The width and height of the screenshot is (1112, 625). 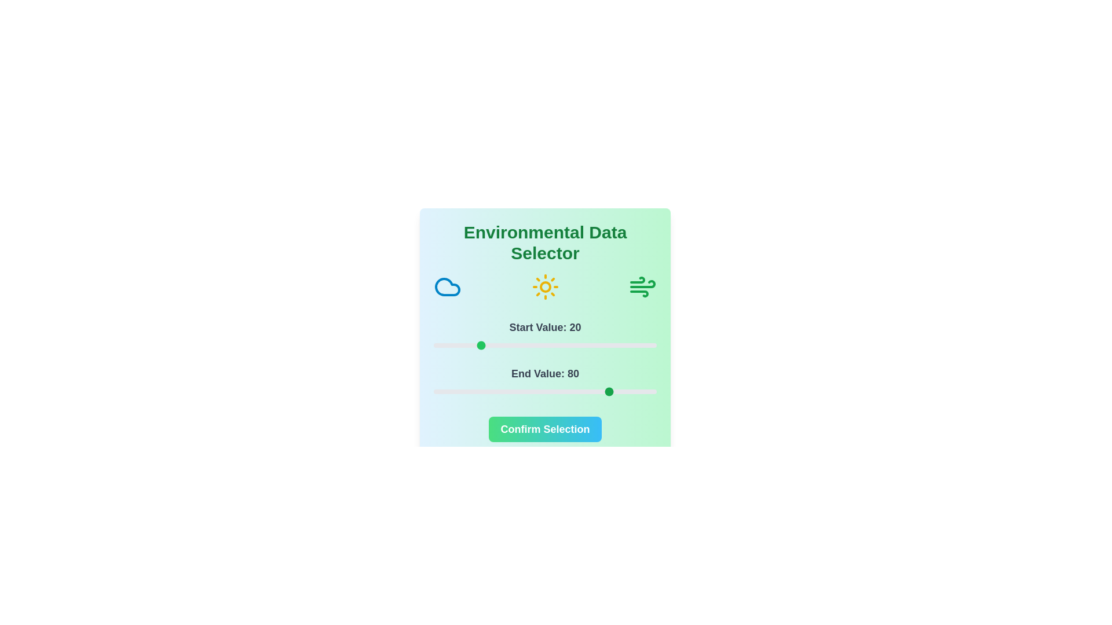 I want to click on the cloud icon, which is the leftmost in a row of three weather-related icons at the top of the interface, so click(x=447, y=286).